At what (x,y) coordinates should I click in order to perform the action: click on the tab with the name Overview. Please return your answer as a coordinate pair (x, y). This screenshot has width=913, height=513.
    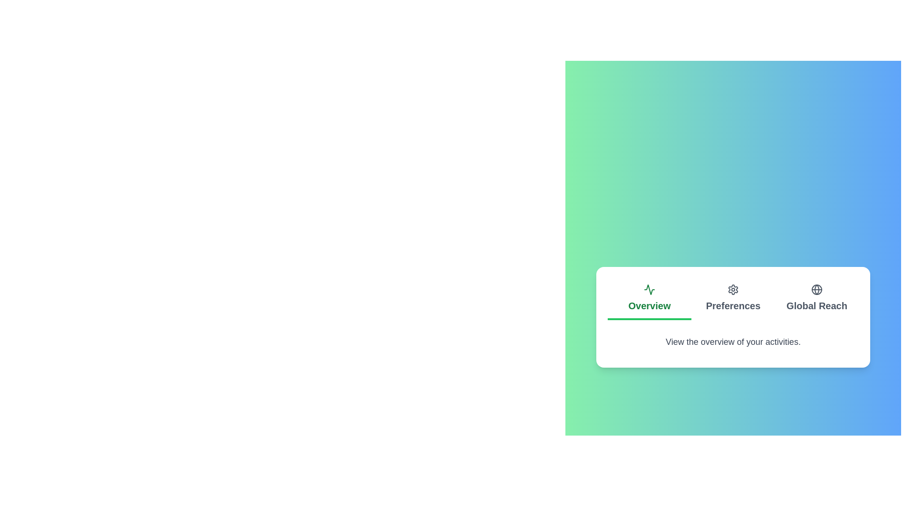
    Looking at the image, I should click on (649, 298).